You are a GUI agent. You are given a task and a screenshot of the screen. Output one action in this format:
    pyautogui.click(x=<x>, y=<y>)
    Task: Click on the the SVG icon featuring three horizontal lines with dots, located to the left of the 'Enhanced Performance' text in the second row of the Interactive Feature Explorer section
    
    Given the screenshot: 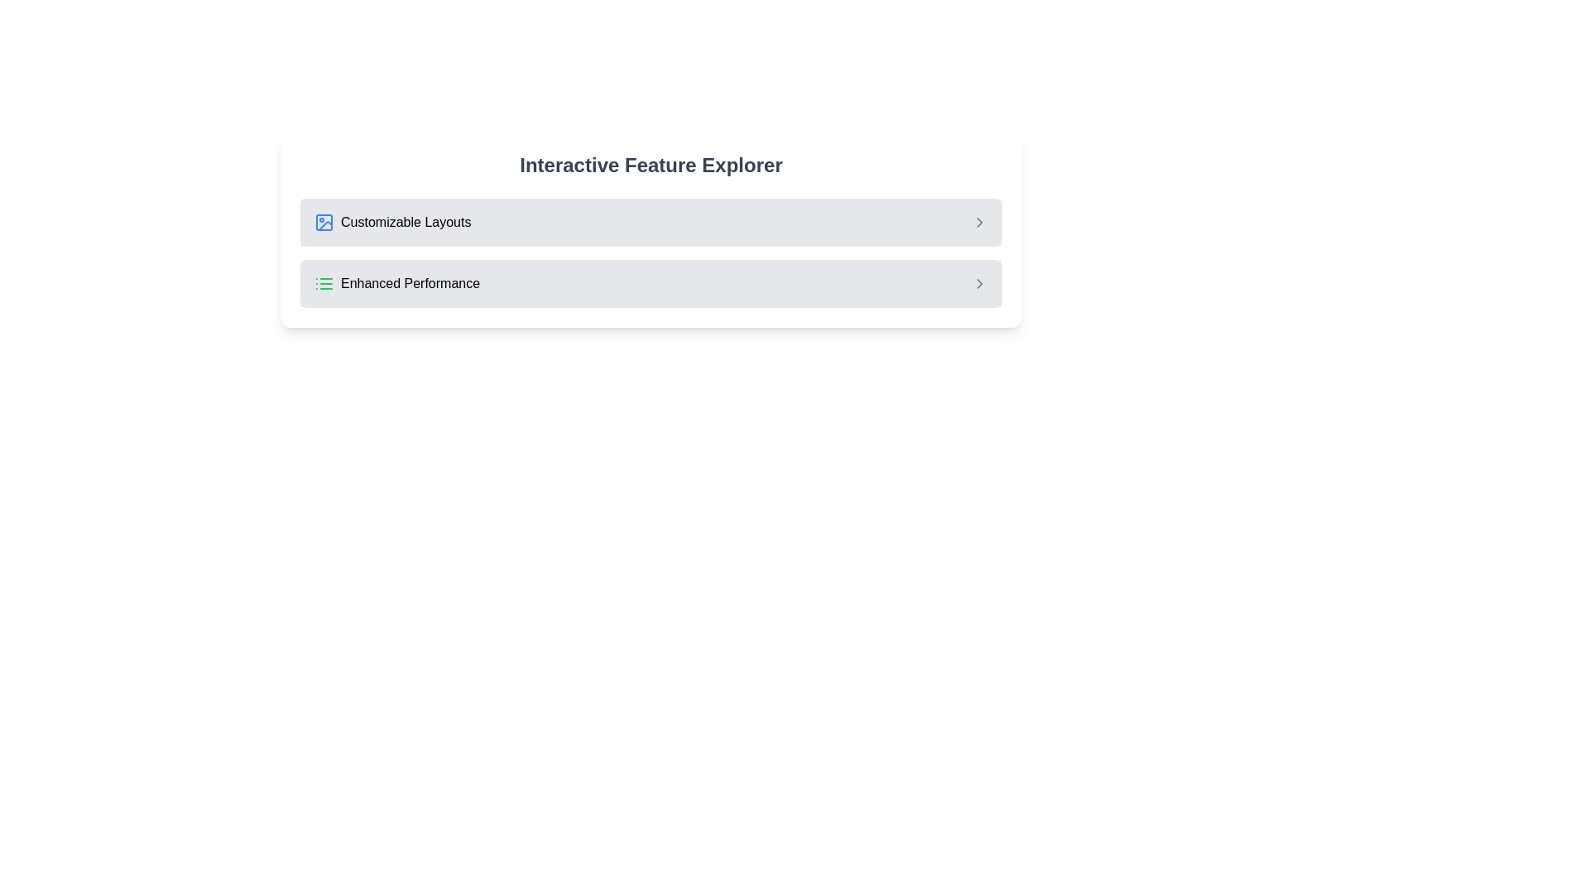 What is the action you would take?
    pyautogui.click(x=324, y=283)
    